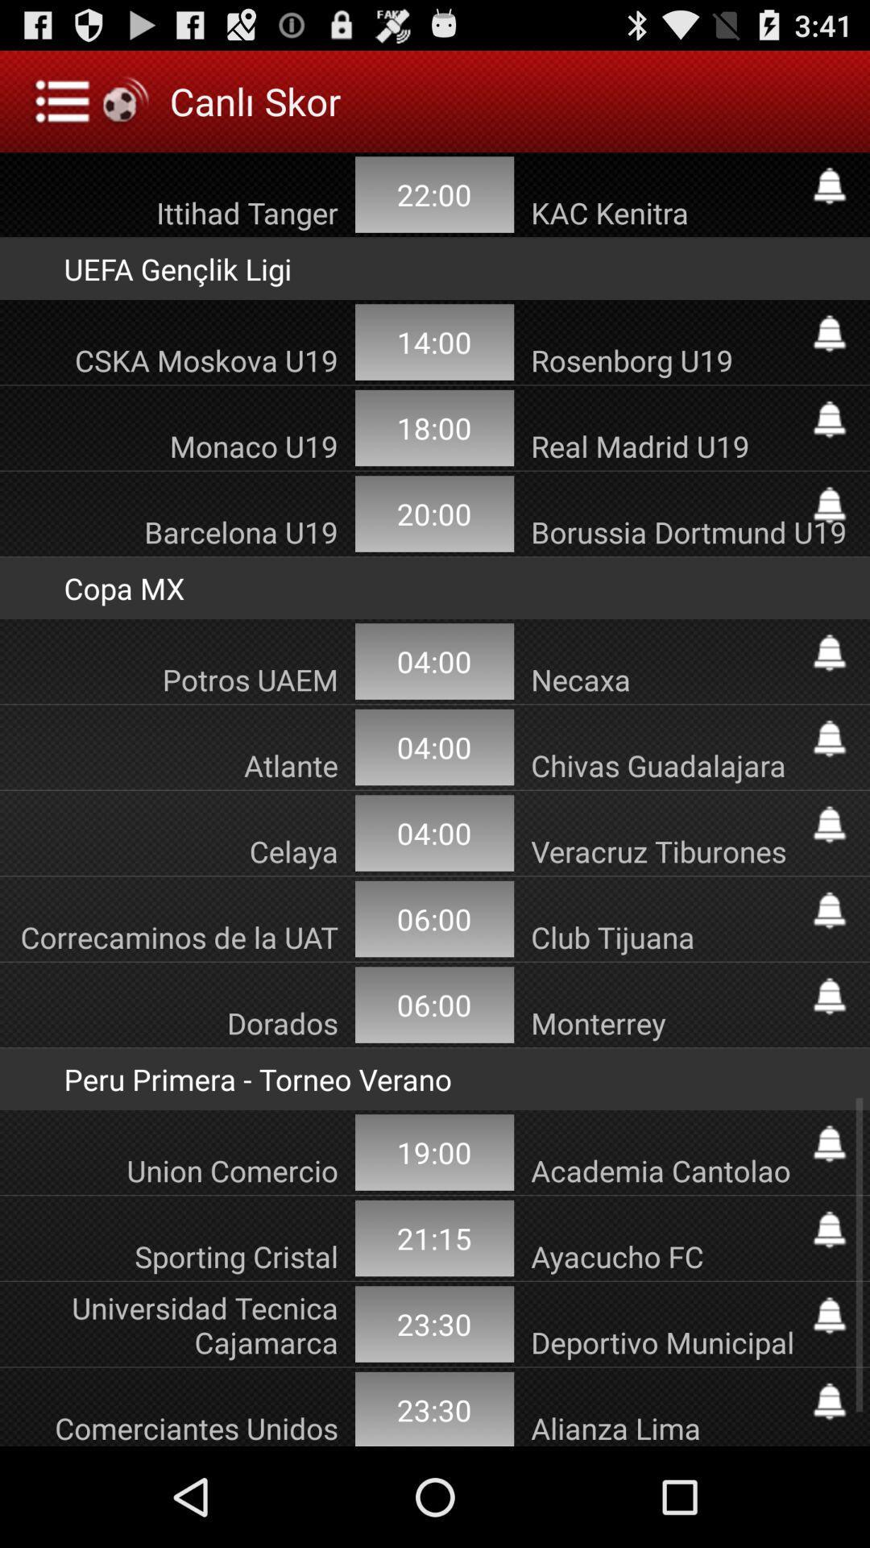 The width and height of the screenshot is (870, 1548). I want to click on bell button, so click(829, 1229).